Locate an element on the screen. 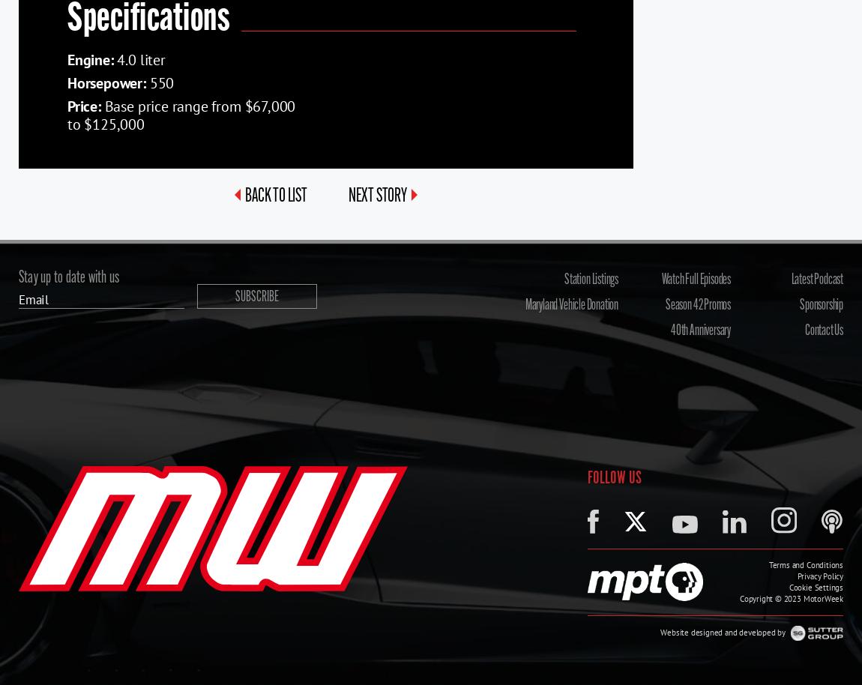 The width and height of the screenshot is (862, 685). 'Engine:' is located at coordinates (67, 58).